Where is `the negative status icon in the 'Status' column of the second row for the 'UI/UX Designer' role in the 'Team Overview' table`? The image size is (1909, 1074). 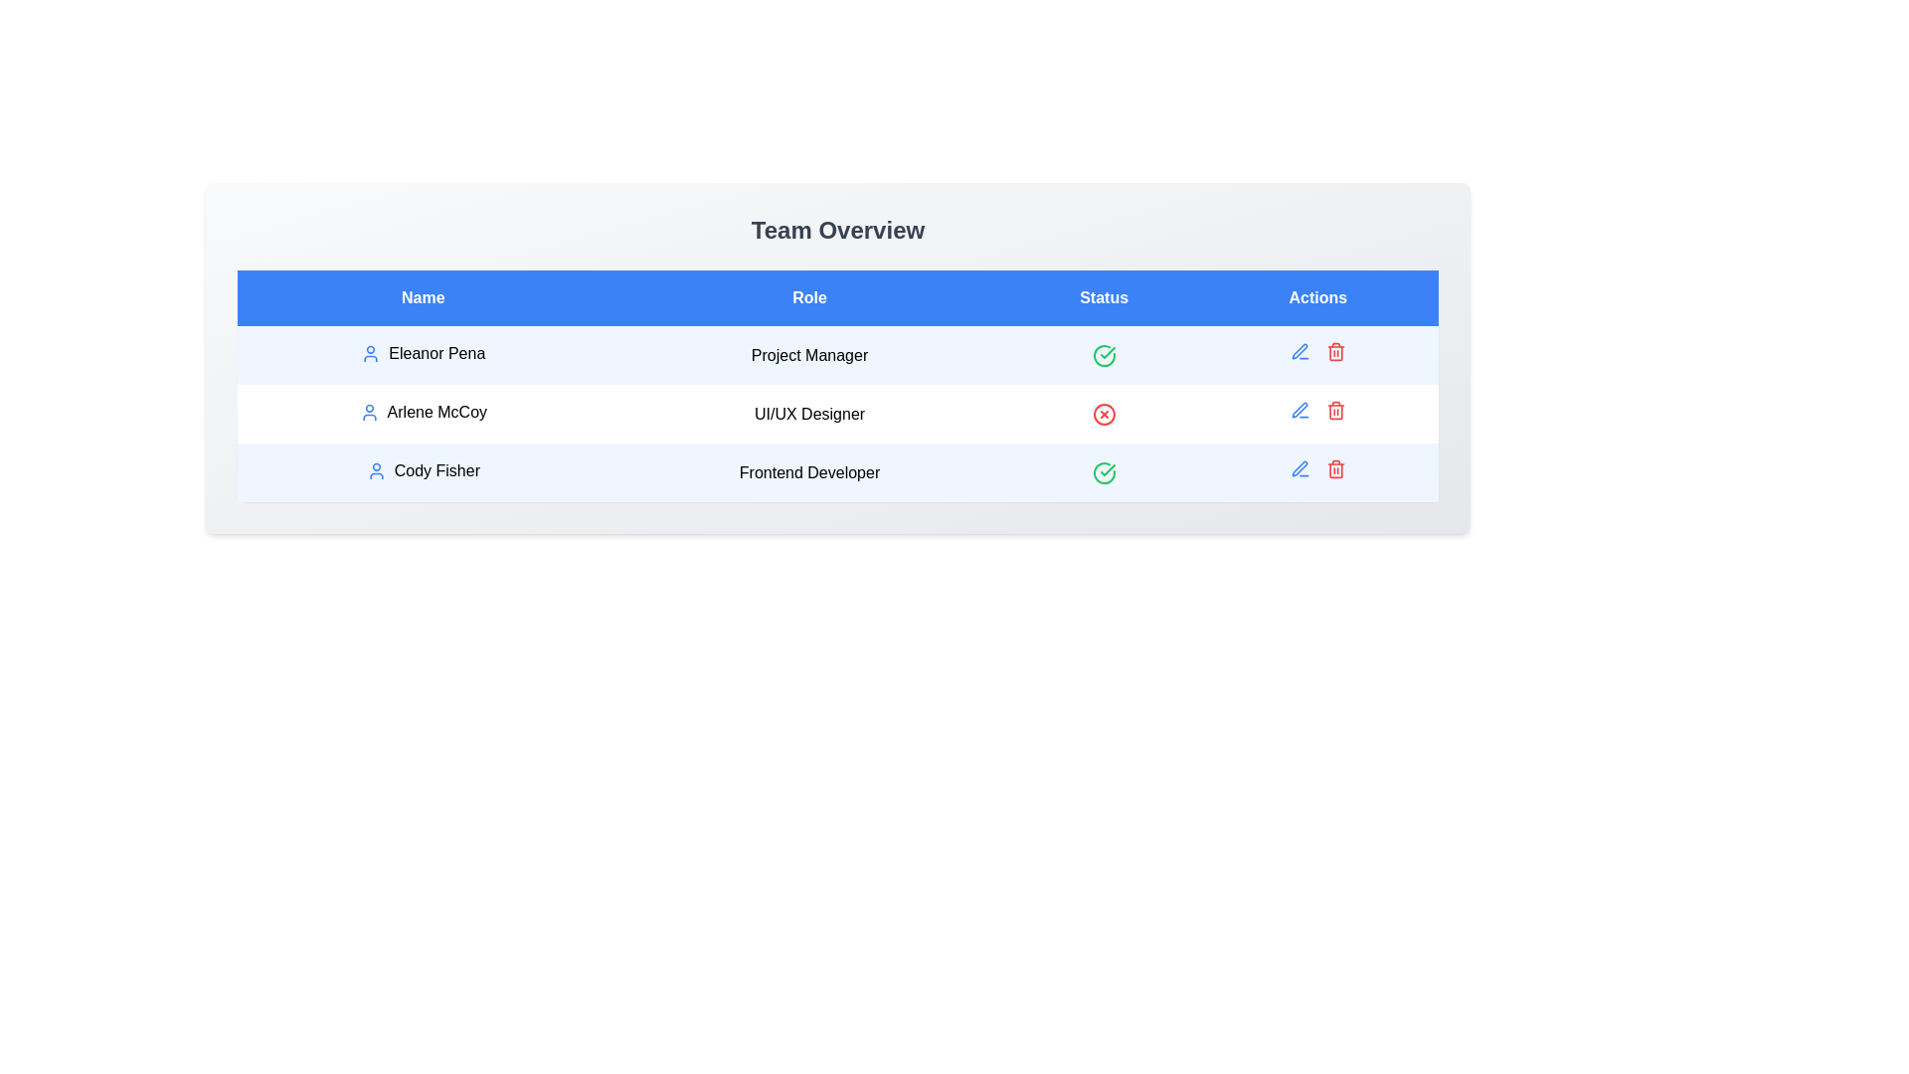 the negative status icon in the 'Status' column of the second row for the 'UI/UX Designer' role in the 'Team Overview' table is located at coordinates (1103, 413).